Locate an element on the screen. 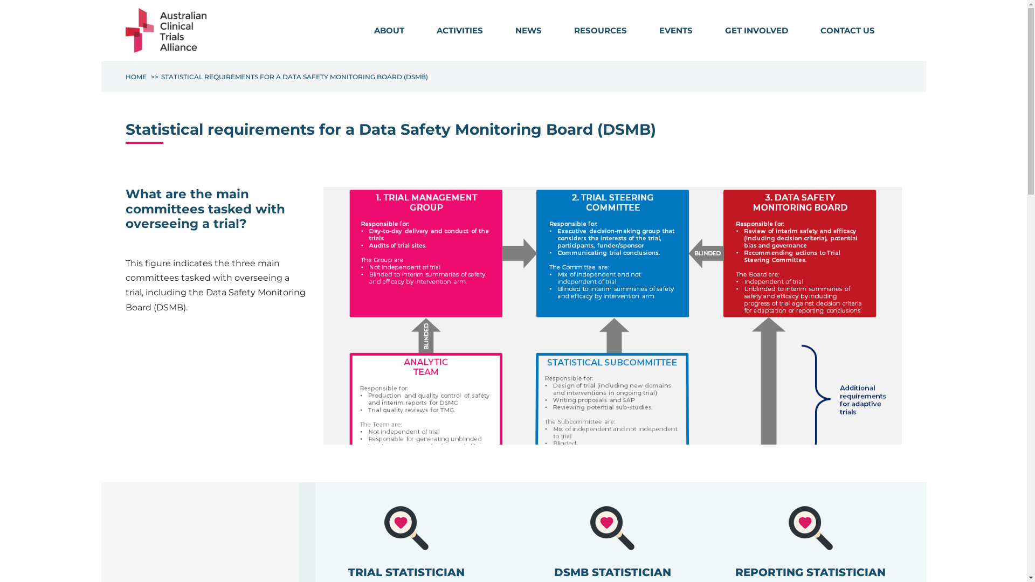 This screenshot has height=582, width=1035. 'RESOURCES' is located at coordinates (599, 30).